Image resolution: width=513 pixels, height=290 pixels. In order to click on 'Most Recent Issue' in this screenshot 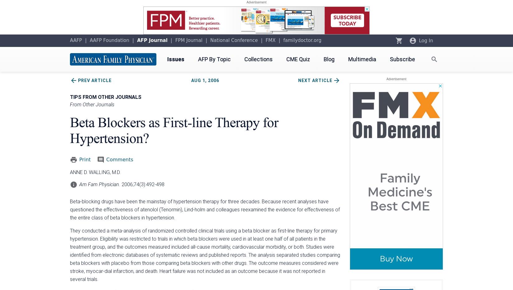, I will do `click(365, 114)`.